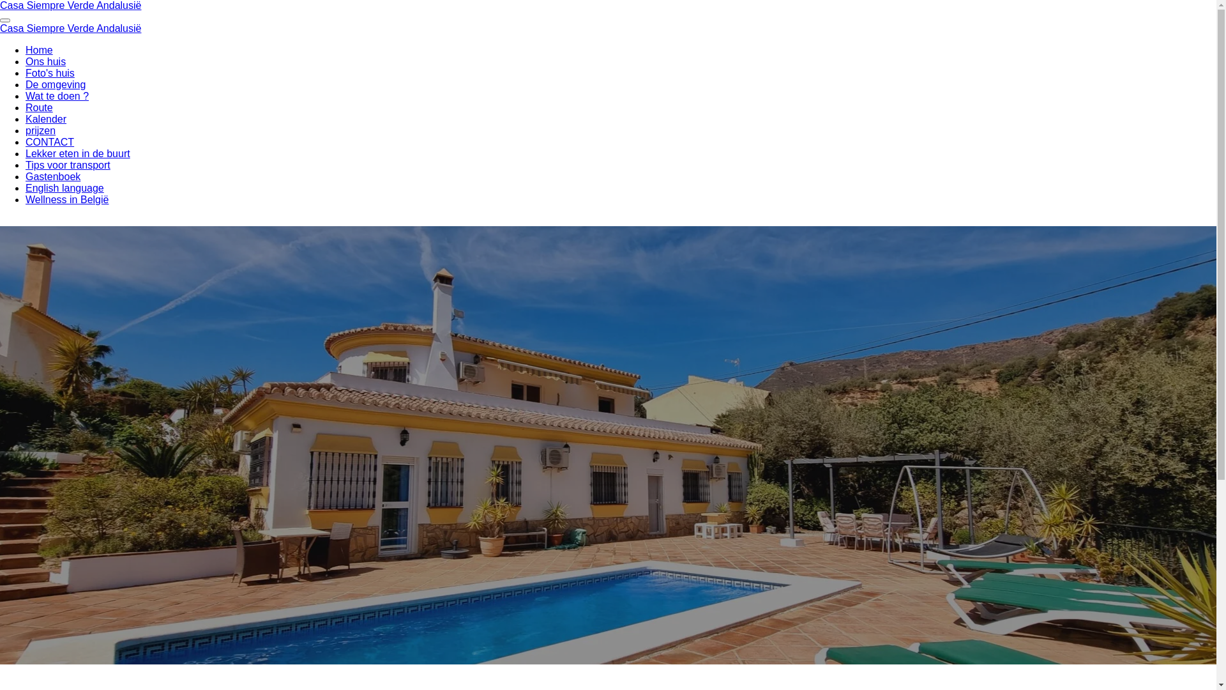 The width and height of the screenshot is (1226, 690). Describe the element at coordinates (52, 176) in the screenshot. I see `'Gastenboek'` at that location.